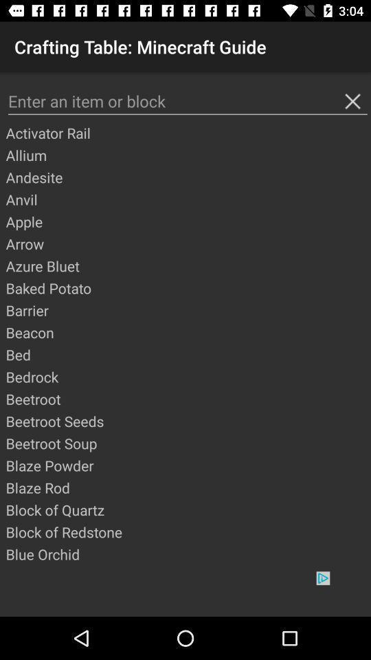  What do you see at coordinates (352, 100) in the screenshot?
I see `the window` at bounding box center [352, 100].